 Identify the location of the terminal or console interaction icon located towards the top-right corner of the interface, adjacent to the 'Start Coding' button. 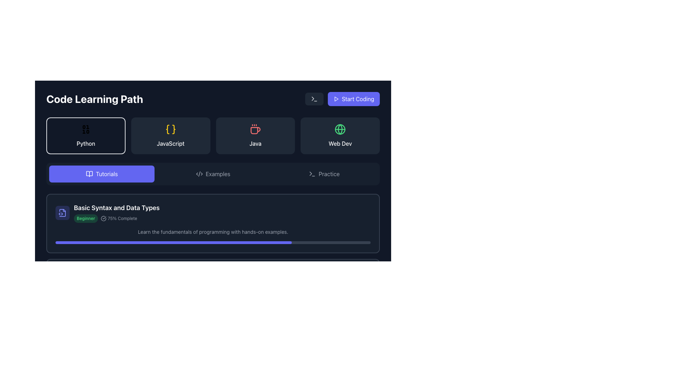
(314, 99).